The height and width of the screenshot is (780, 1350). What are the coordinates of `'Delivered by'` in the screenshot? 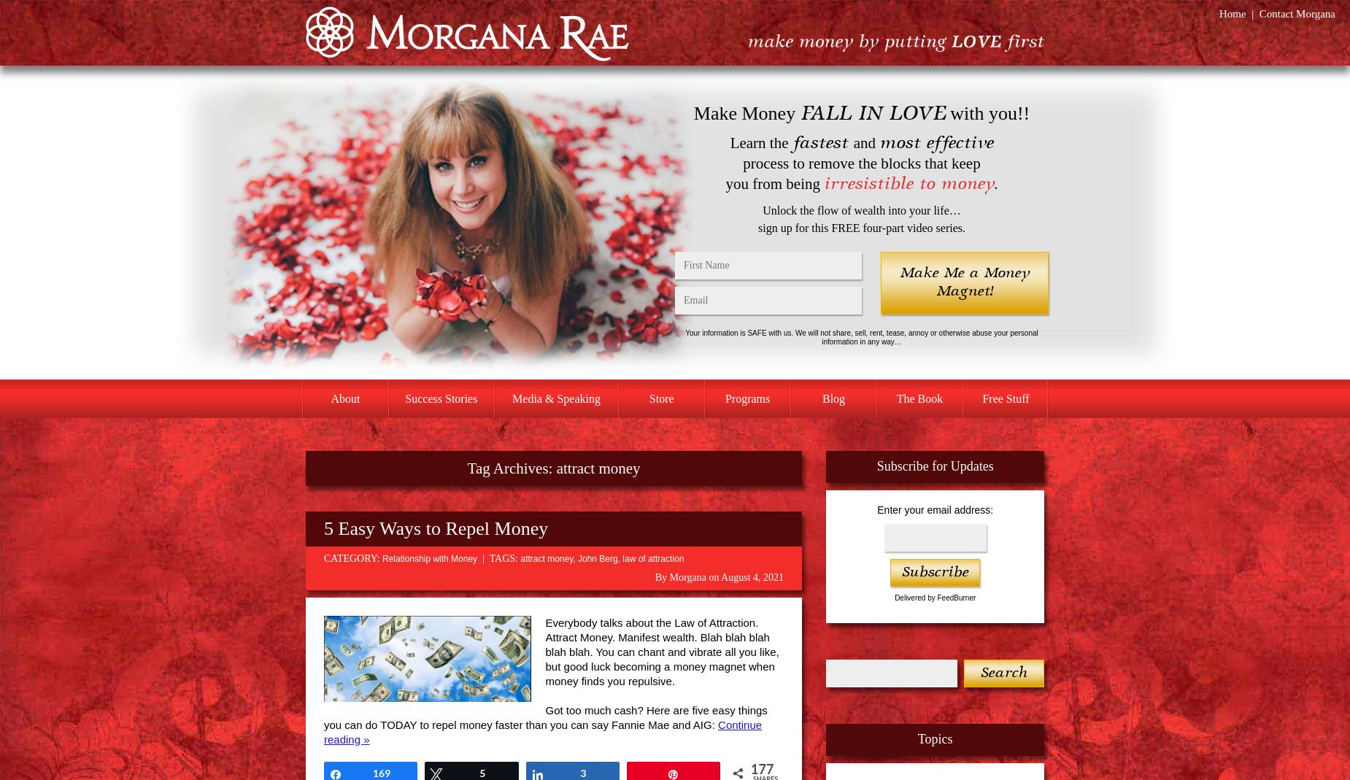 It's located at (915, 597).